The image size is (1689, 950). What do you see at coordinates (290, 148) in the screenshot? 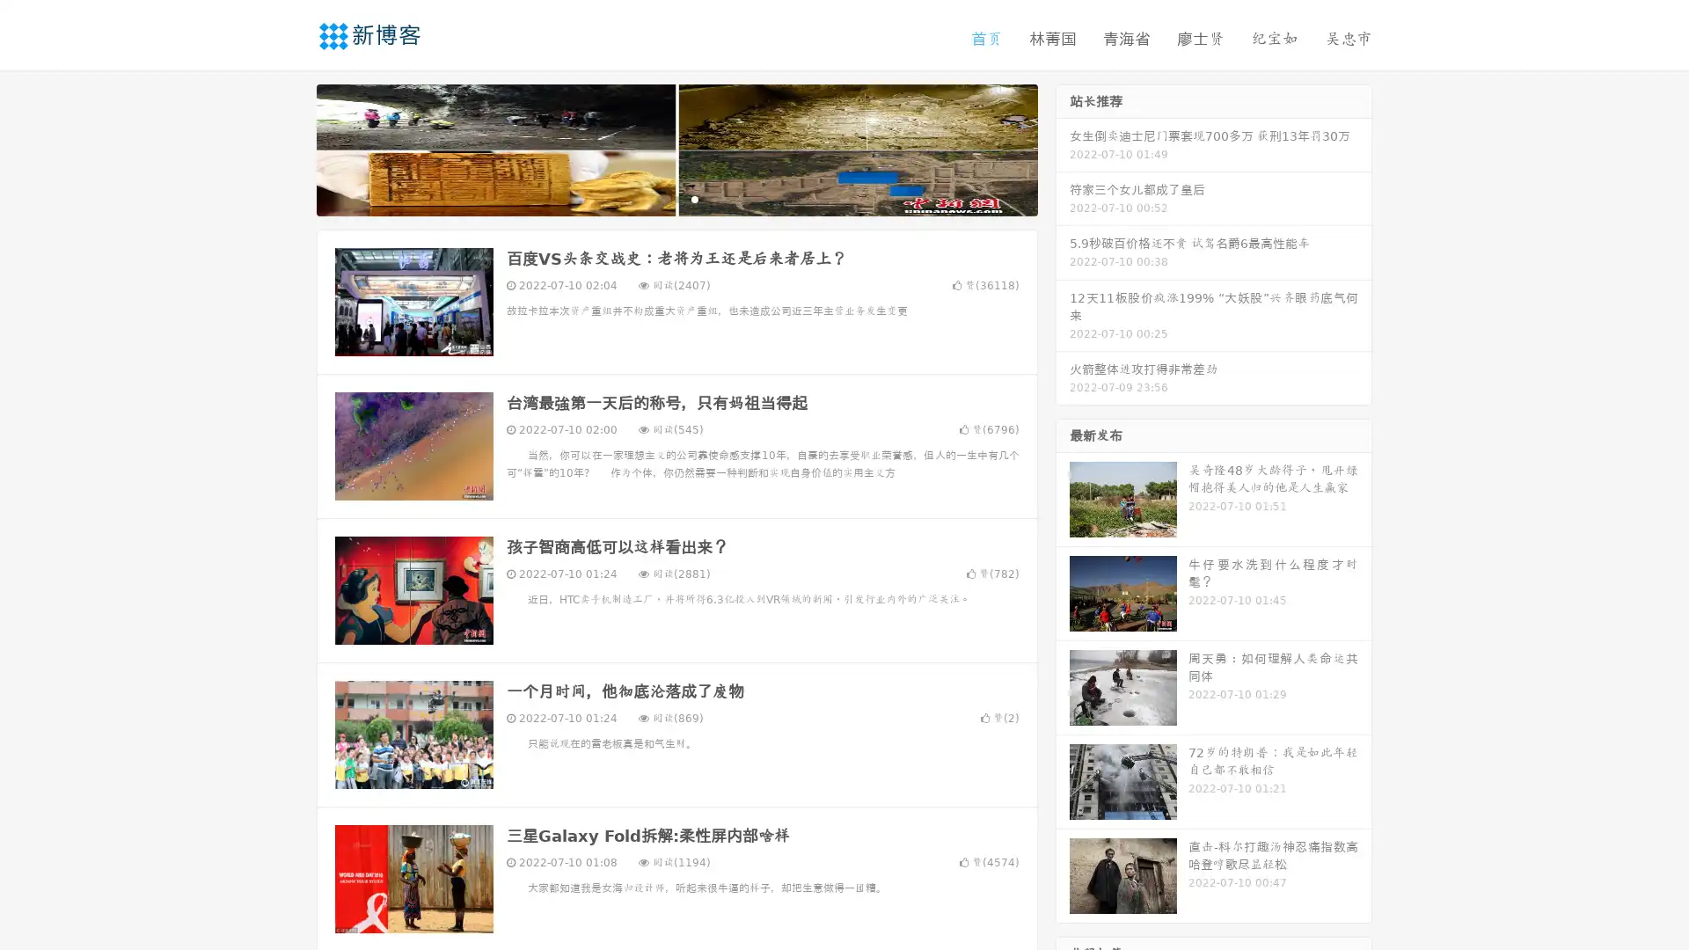
I see `Previous slide` at bounding box center [290, 148].